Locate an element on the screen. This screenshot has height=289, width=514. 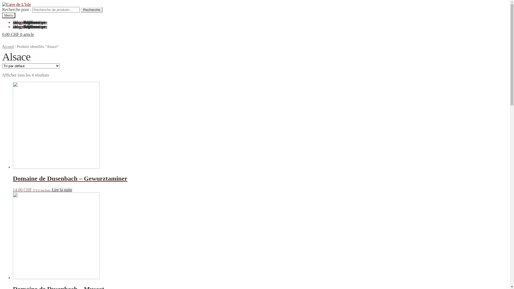
'0.00 CHF 0 article' is located at coordinates (2, 34).